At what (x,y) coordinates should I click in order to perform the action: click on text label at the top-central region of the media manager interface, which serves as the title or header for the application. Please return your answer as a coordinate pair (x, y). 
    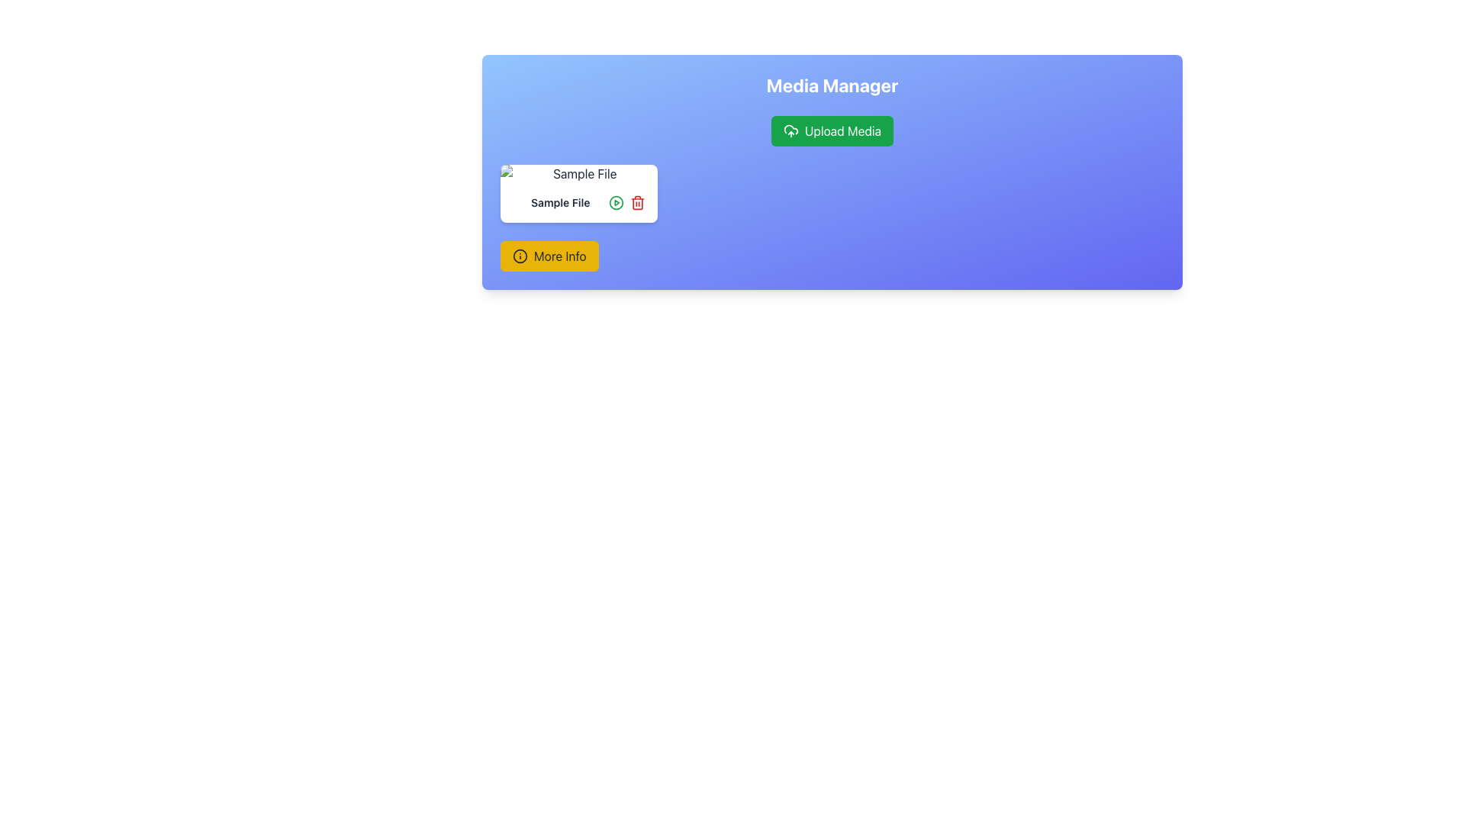
    Looking at the image, I should click on (831, 85).